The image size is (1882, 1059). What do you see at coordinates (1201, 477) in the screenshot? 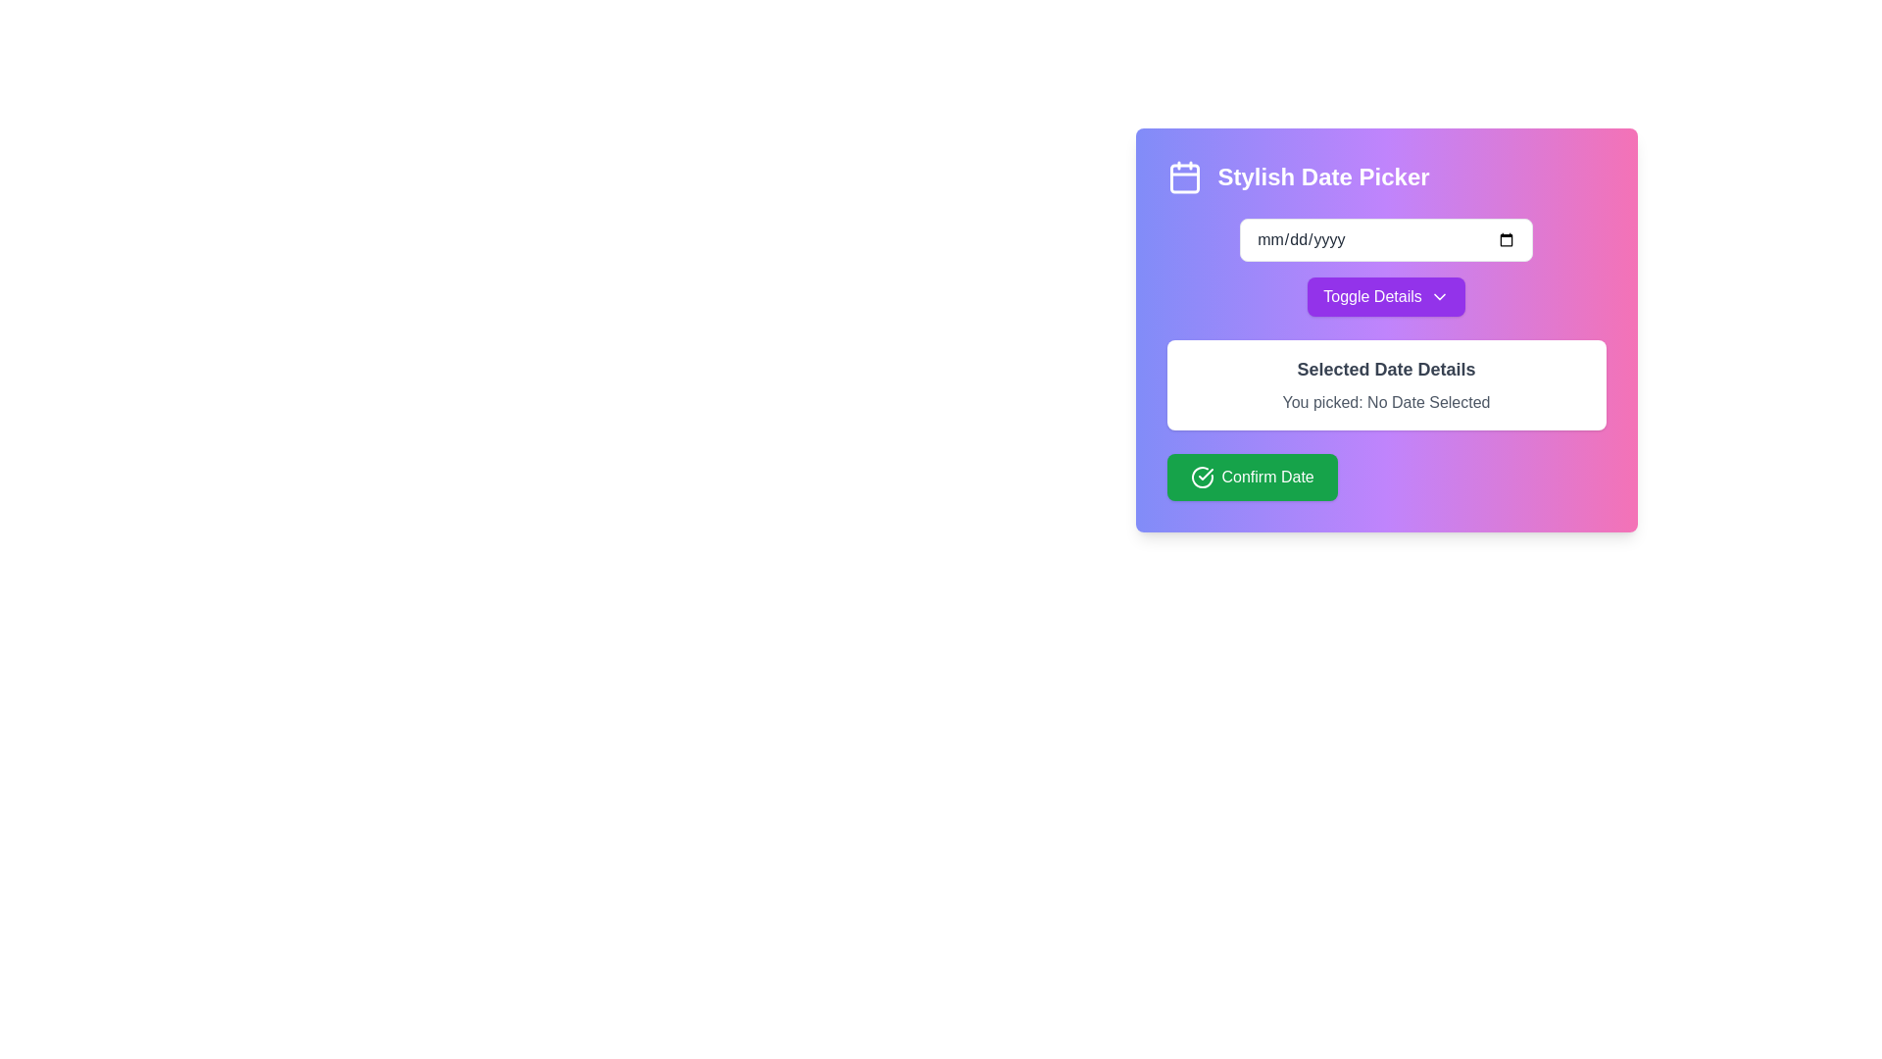
I see `the circular 'check' icon located to the left of the text 'Confirm Date' within the green button at the bottom of the interface` at bounding box center [1201, 477].